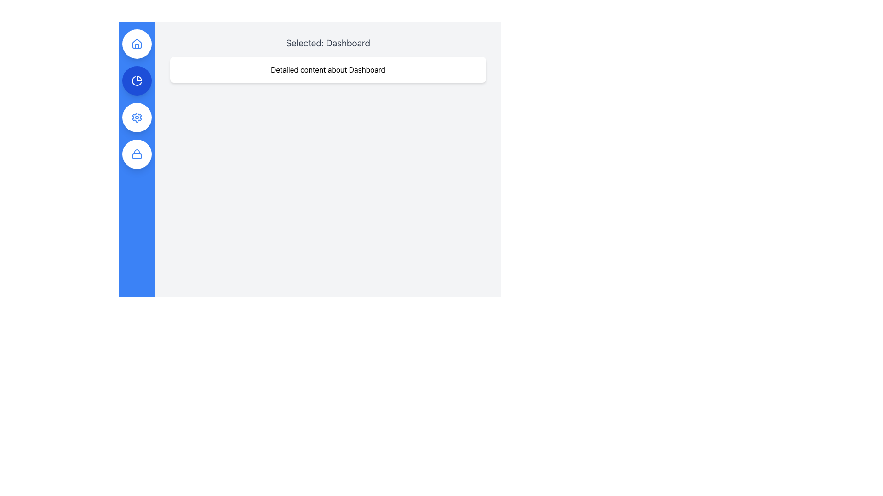 This screenshot has height=496, width=883. I want to click on the topmost SVG icon in the vertical group of circular buttons on the left sidebar, which is set against a blue background and is within a white button, so click(136, 44).